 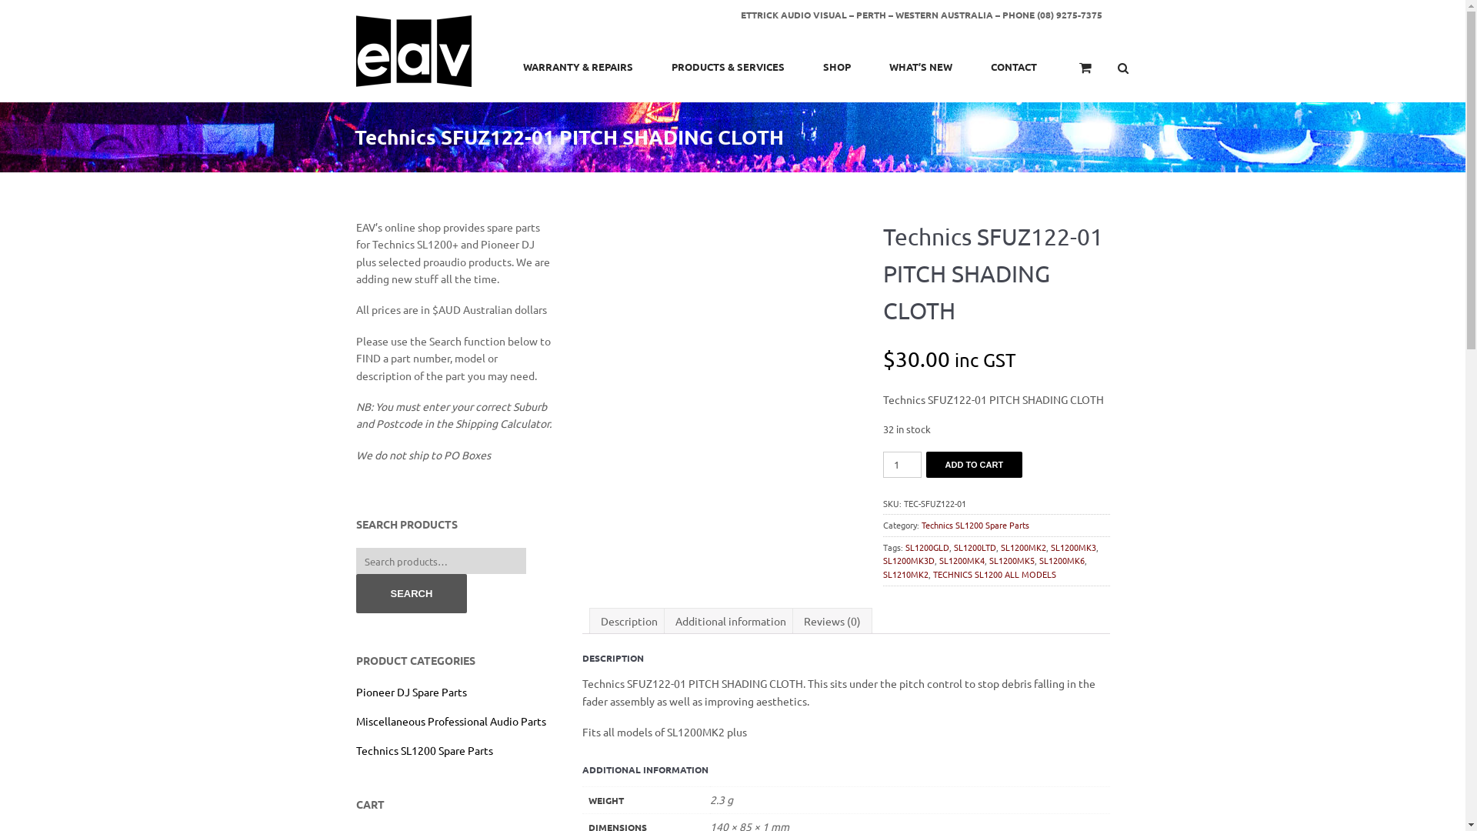 What do you see at coordinates (802, 619) in the screenshot?
I see `'Reviews (0)'` at bounding box center [802, 619].